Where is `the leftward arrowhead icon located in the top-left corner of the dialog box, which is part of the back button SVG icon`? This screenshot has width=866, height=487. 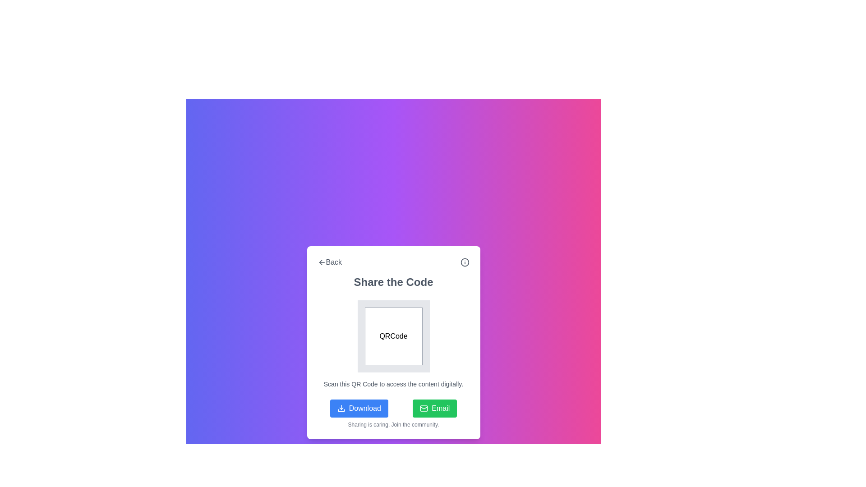
the leftward arrowhead icon located in the top-left corner of the dialog box, which is part of the back button SVG icon is located at coordinates (320, 262).